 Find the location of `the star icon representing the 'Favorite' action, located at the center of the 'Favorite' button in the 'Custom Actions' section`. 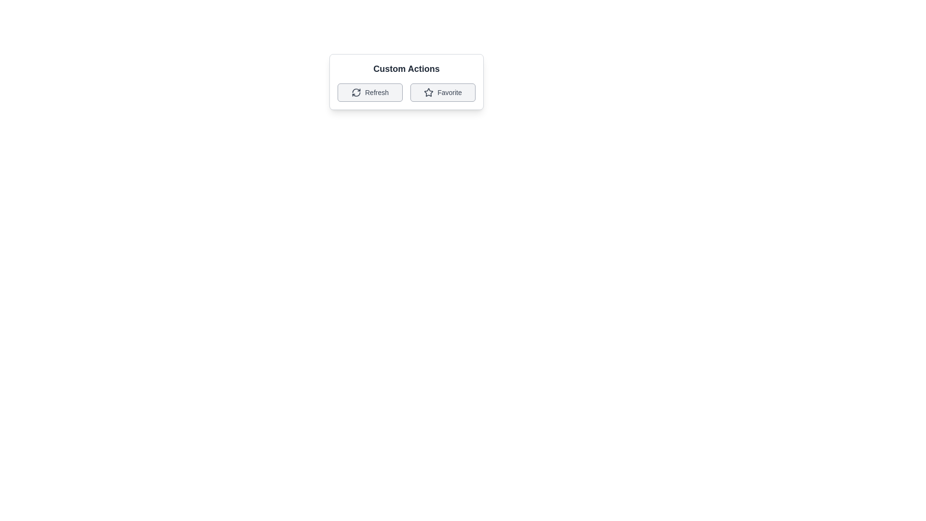

the star icon representing the 'Favorite' action, located at the center of the 'Favorite' button in the 'Custom Actions' section is located at coordinates (428, 93).